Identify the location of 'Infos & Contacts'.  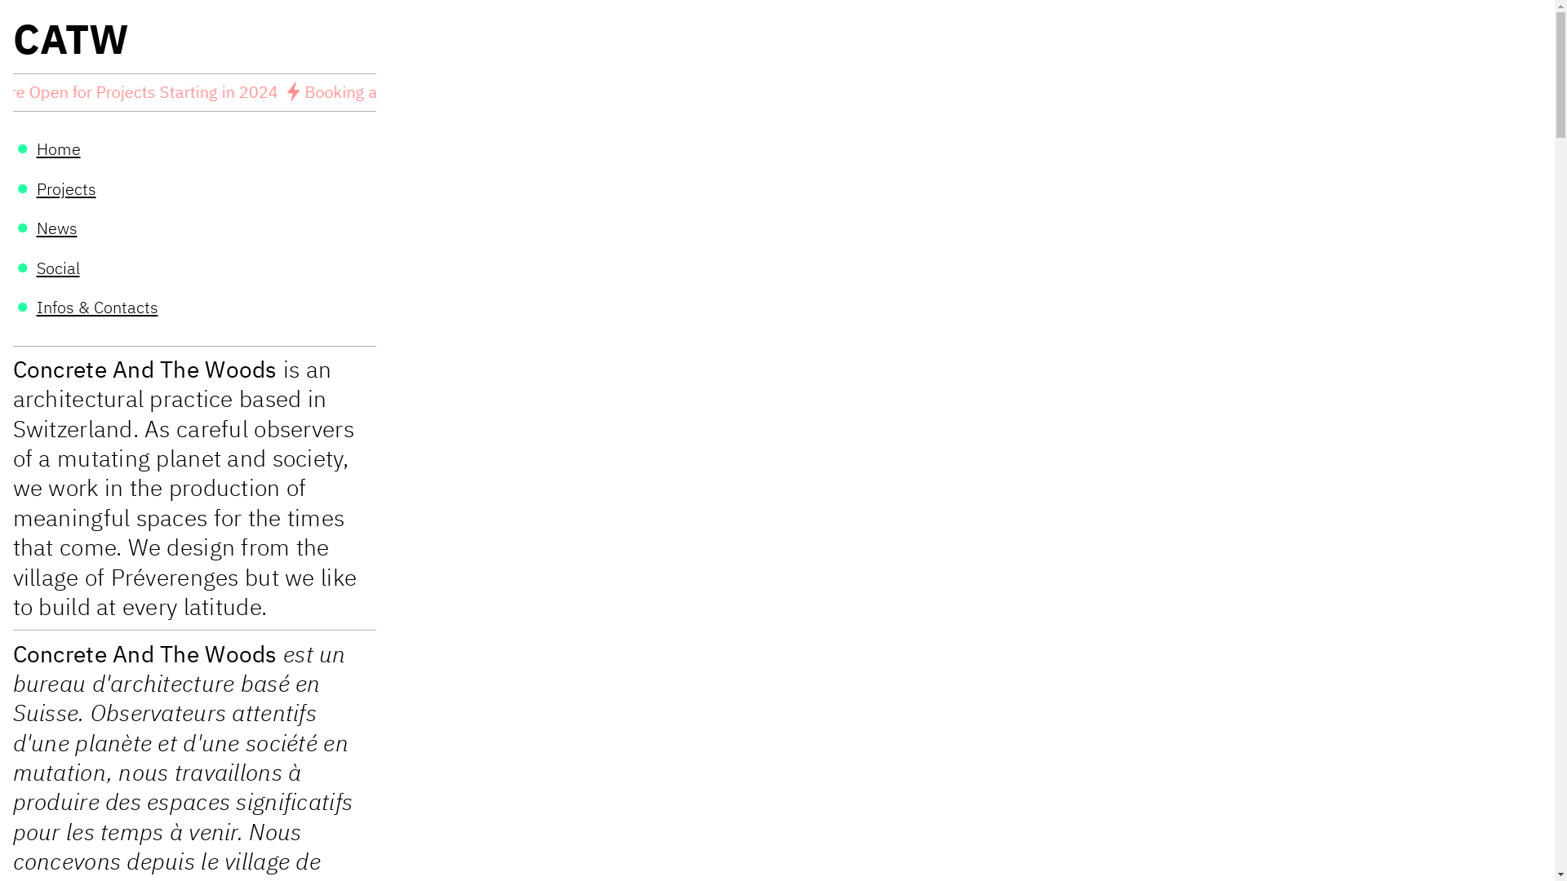
(96, 307).